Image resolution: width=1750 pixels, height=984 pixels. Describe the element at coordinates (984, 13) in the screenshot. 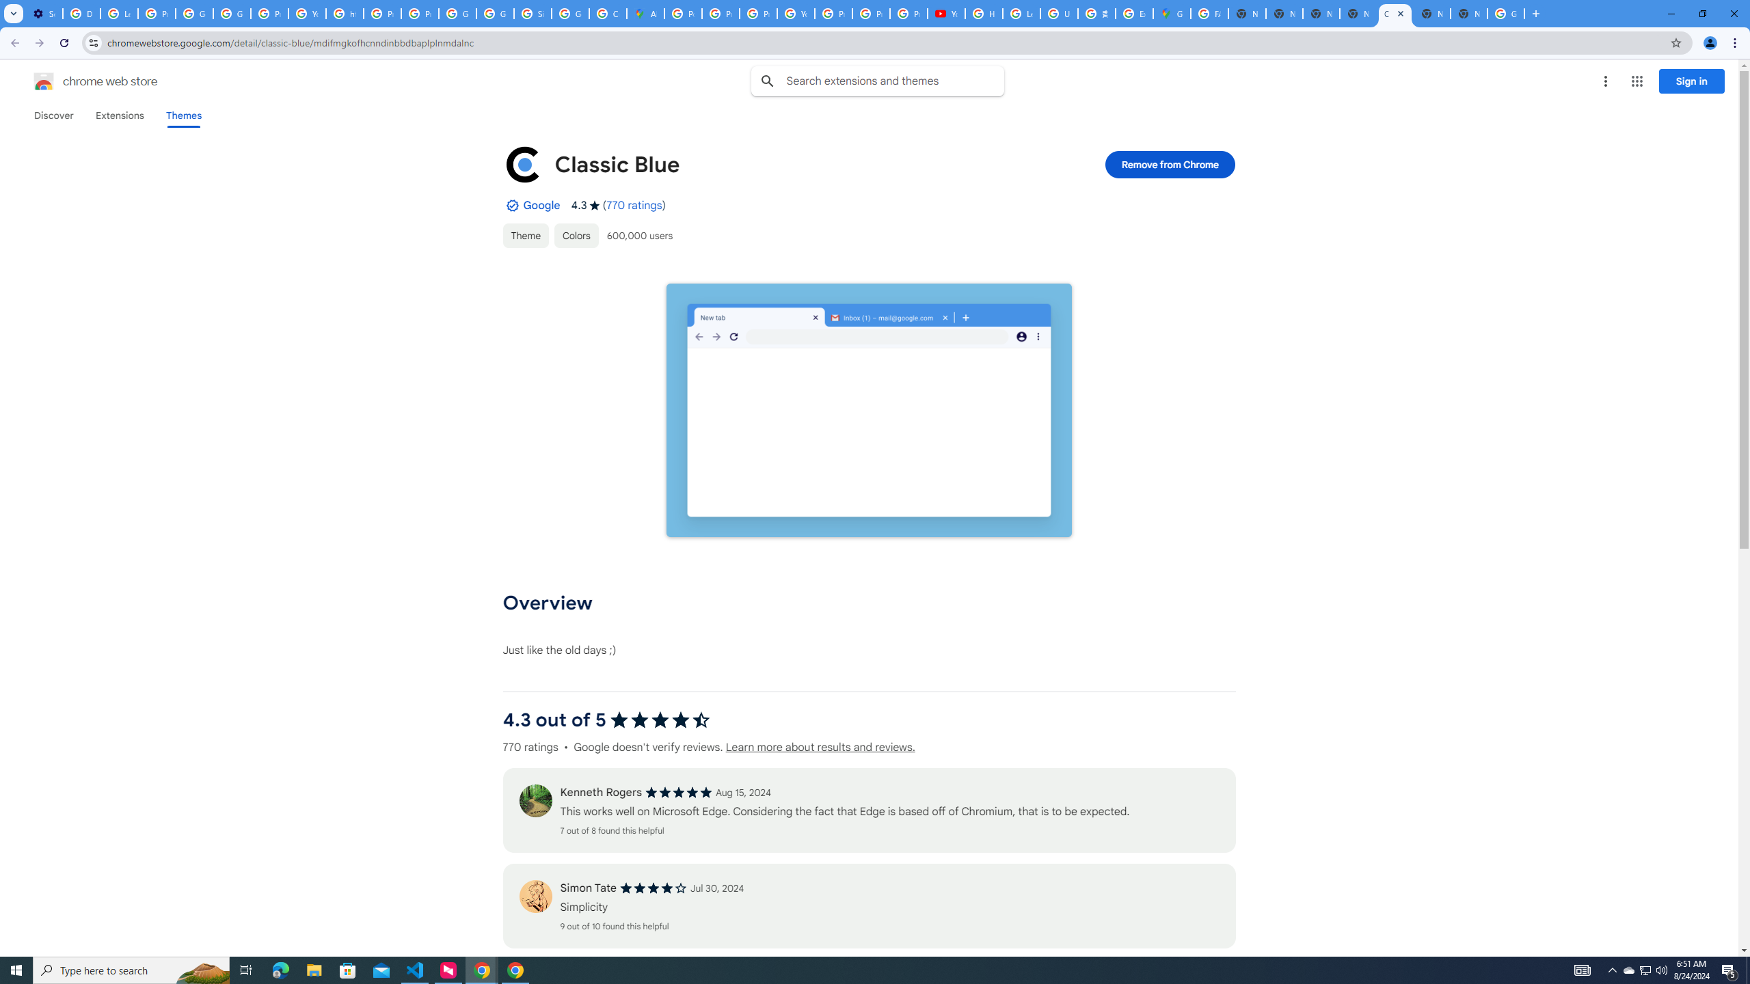

I see `'How Chrome protects your passwords - Google Chrome Help'` at that location.